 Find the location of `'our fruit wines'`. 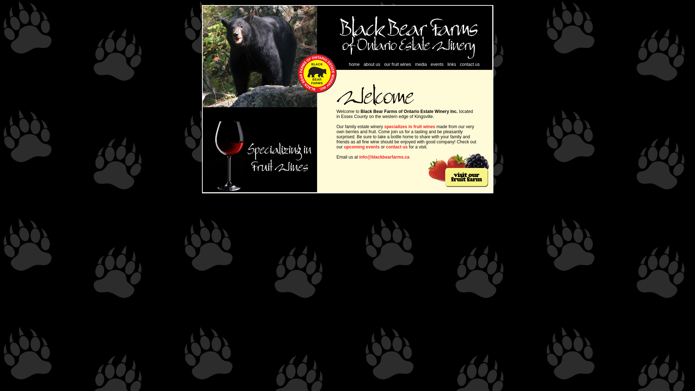

'our fruit wines' is located at coordinates (397, 64).